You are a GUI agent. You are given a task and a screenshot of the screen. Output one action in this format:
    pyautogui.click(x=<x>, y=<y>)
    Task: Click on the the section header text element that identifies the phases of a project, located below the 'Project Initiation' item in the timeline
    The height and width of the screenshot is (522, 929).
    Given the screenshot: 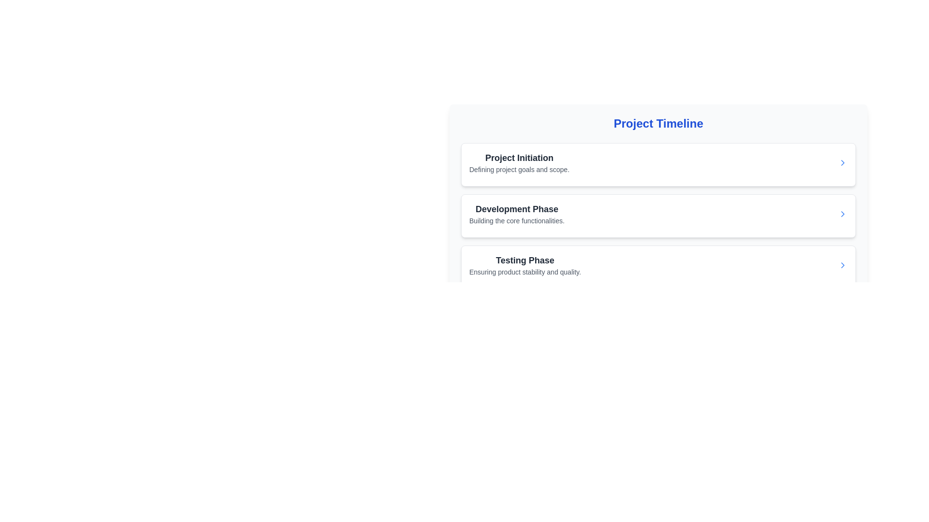 What is the action you would take?
    pyautogui.click(x=516, y=208)
    